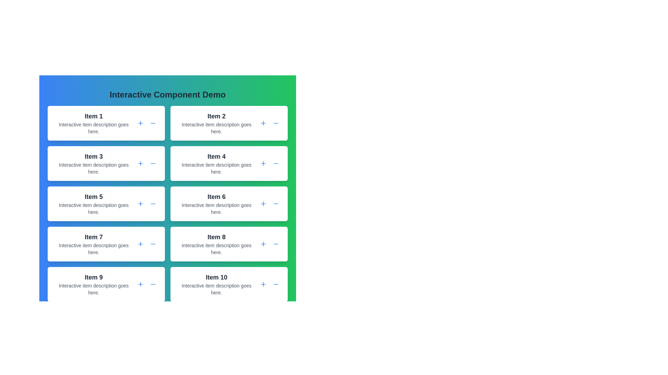 This screenshot has height=375, width=668. What do you see at coordinates (229, 284) in the screenshot?
I see `the minus (-) button on the Interactive card labeled 'Item 10' located at the bottom-right corner of the grid to decrement the value` at bounding box center [229, 284].